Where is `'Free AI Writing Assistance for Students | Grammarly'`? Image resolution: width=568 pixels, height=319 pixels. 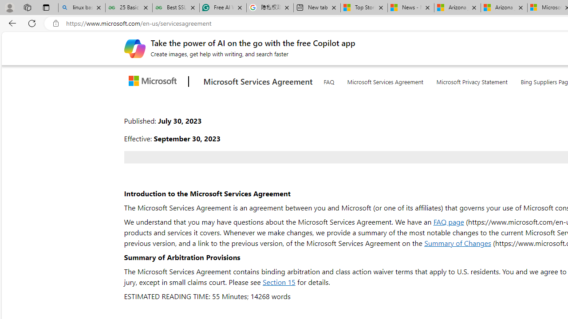
'Free AI Writing Assistance for Students | Grammarly' is located at coordinates (223, 8).